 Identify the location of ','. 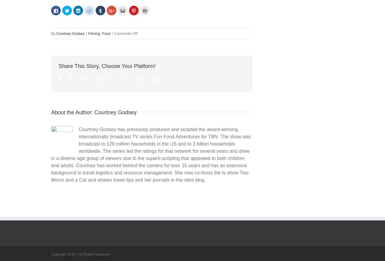
(101, 33).